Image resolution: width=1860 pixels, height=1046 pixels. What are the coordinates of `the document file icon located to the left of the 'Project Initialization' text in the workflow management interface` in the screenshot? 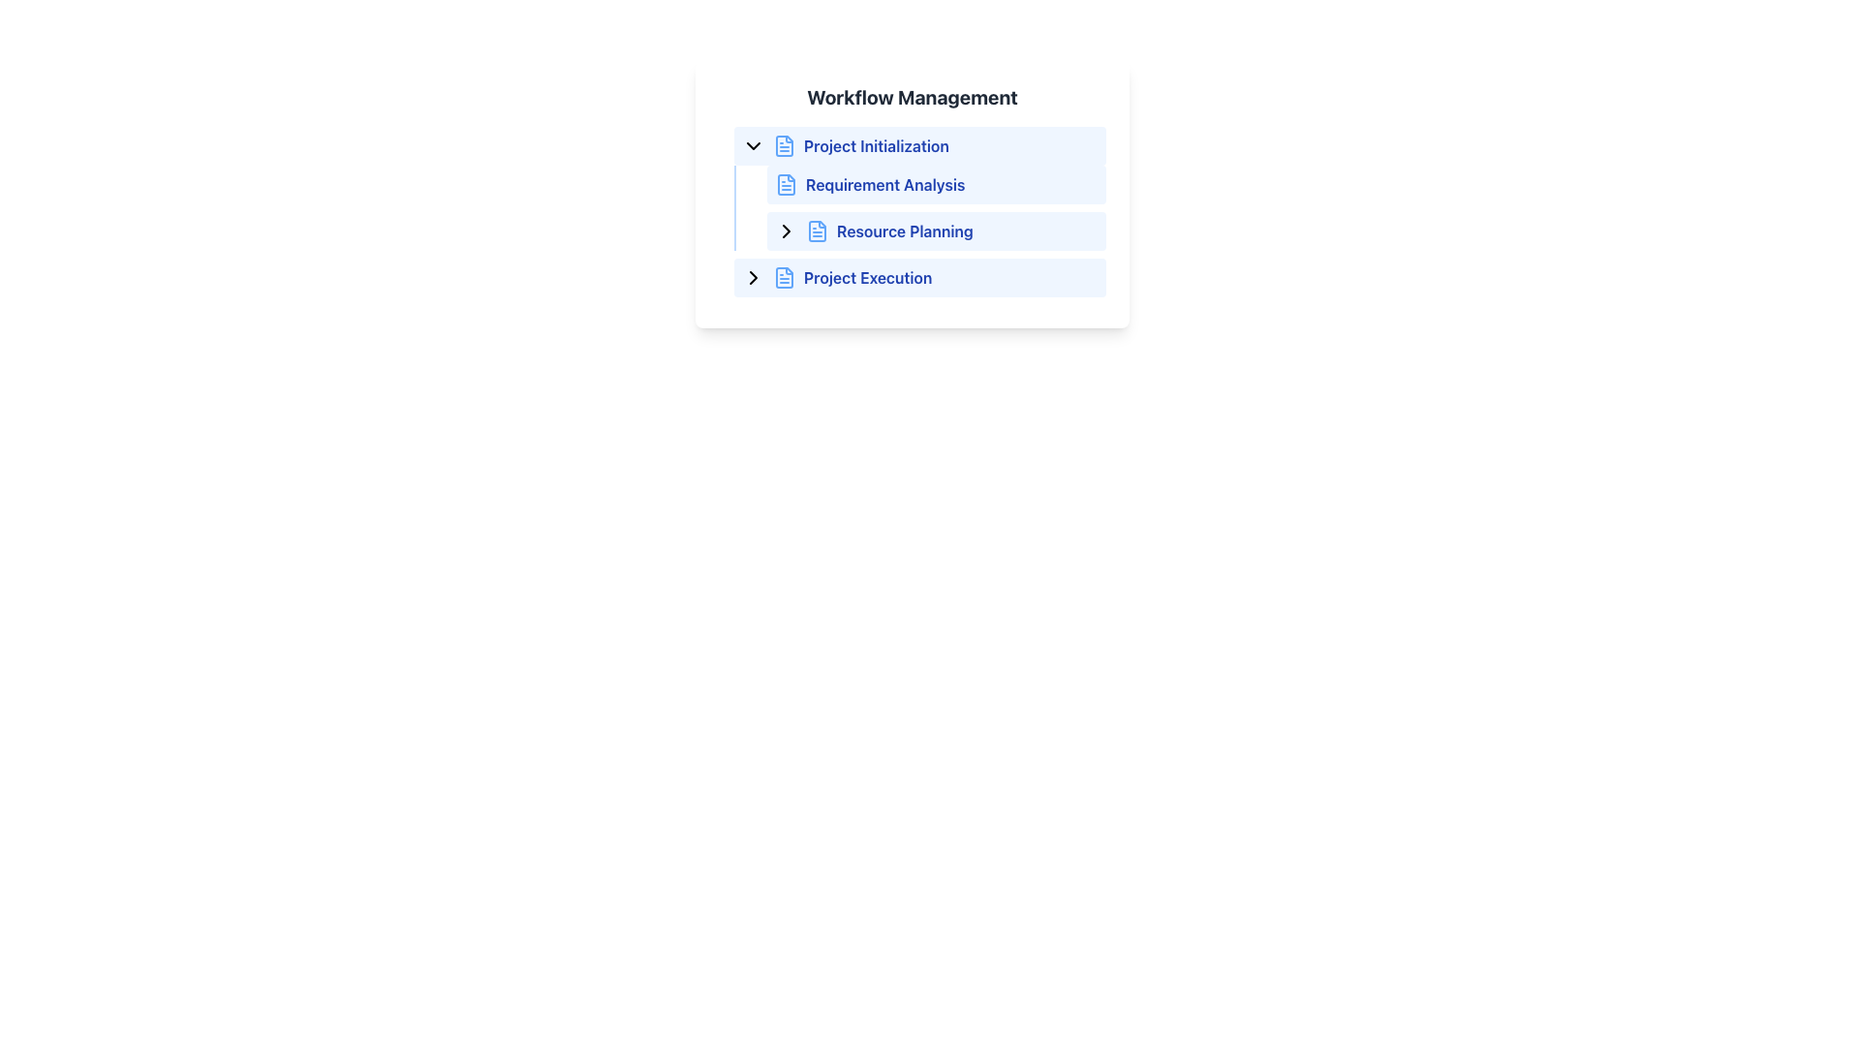 It's located at (785, 144).